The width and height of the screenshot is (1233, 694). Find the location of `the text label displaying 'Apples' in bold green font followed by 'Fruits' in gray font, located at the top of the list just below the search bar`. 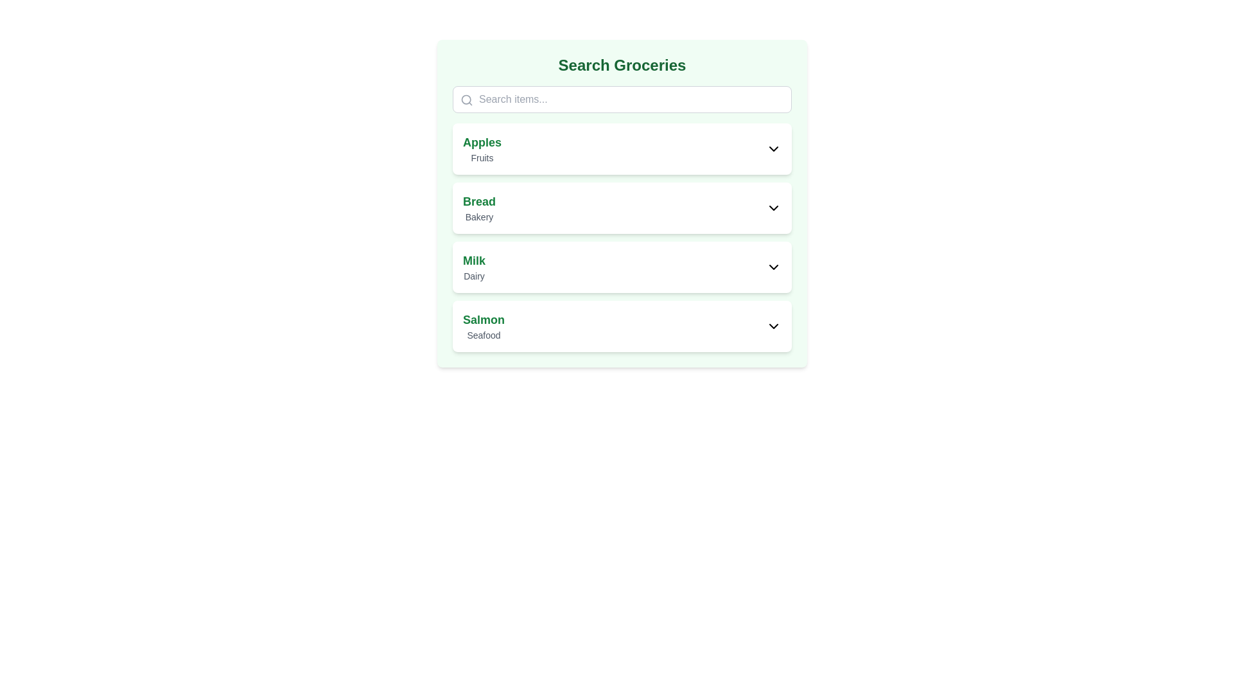

the text label displaying 'Apples' in bold green font followed by 'Fruits' in gray font, located at the top of the list just below the search bar is located at coordinates (482, 148).